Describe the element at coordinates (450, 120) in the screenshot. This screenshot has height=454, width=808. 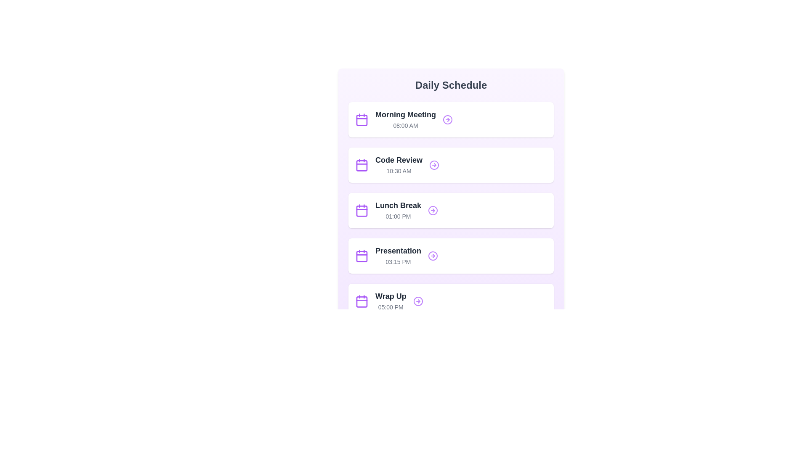
I see `the arrow icon of the 'Morning Meeting' list item located in the 'Daily Schedule' section` at that location.